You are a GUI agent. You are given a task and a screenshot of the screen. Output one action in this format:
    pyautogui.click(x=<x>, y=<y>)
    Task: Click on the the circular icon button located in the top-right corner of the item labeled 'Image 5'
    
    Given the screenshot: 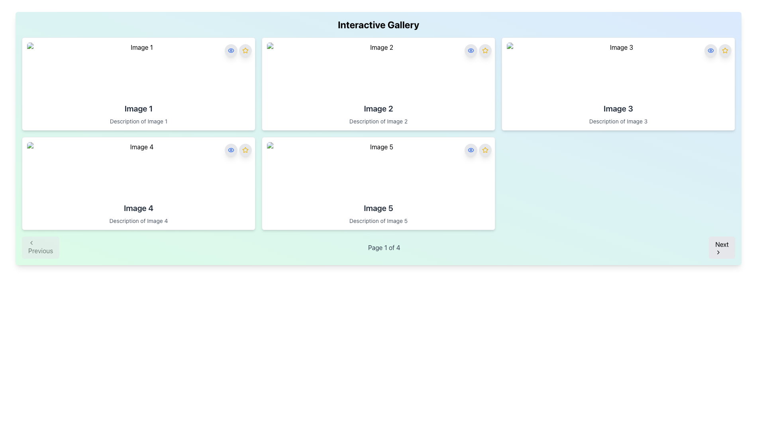 What is the action you would take?
    pyautogui.click(x=485, y=51)
    